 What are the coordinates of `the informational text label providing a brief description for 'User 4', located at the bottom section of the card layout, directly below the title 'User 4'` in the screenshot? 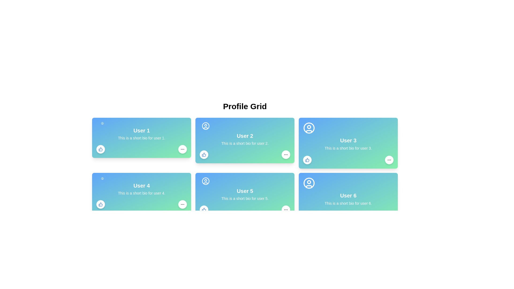 It's located at (141, 193).